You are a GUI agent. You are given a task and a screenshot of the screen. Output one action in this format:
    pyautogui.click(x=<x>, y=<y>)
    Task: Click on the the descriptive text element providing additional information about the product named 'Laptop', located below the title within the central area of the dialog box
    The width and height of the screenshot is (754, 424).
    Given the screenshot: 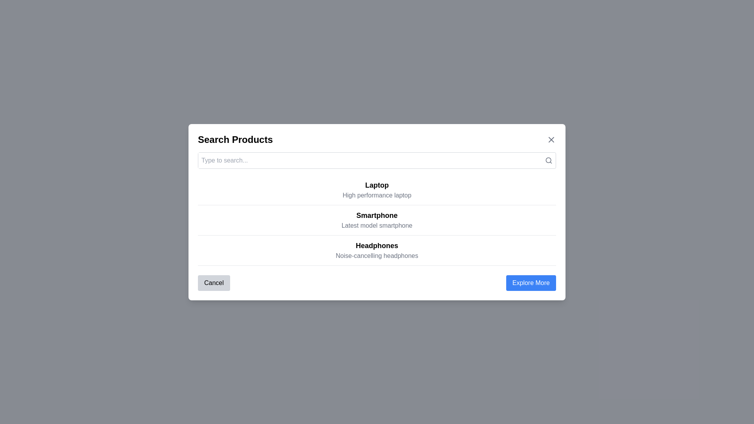 What is the action you would take?
    pyautogui.click(x=377, y=195)
    